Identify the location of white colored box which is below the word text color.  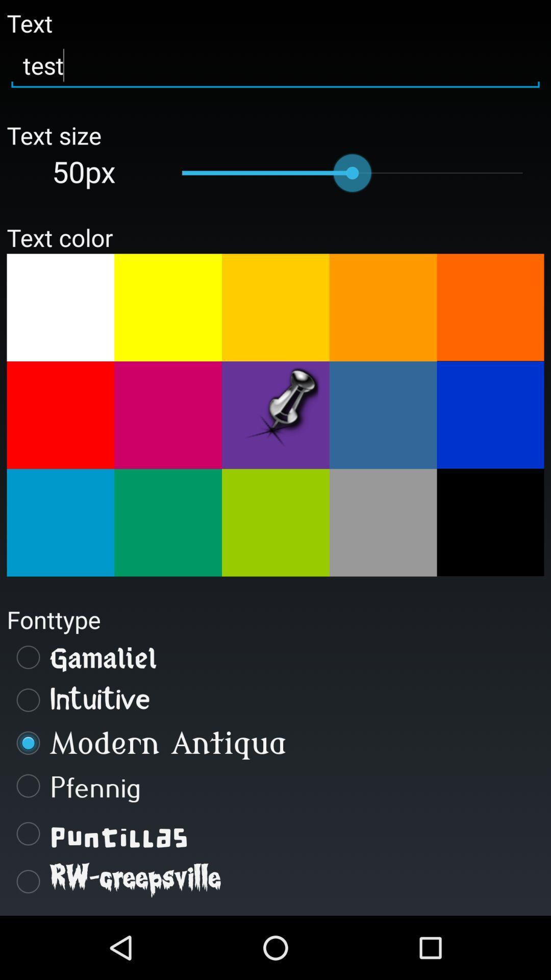
(61, 307).